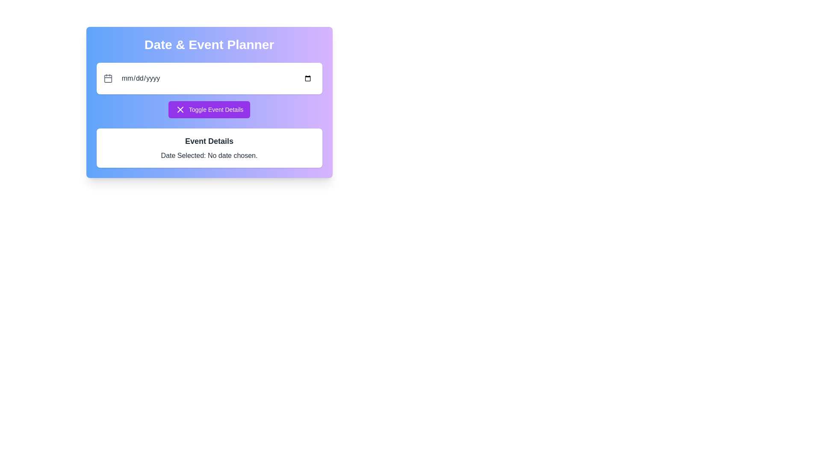 The height and width of the screenshot is (461, 821). I want to click on the text label that reads 'Date Selected: No date chosen.' located in the 'Event Details' section, directly below the header text 'Event Details', so click(209, 156).